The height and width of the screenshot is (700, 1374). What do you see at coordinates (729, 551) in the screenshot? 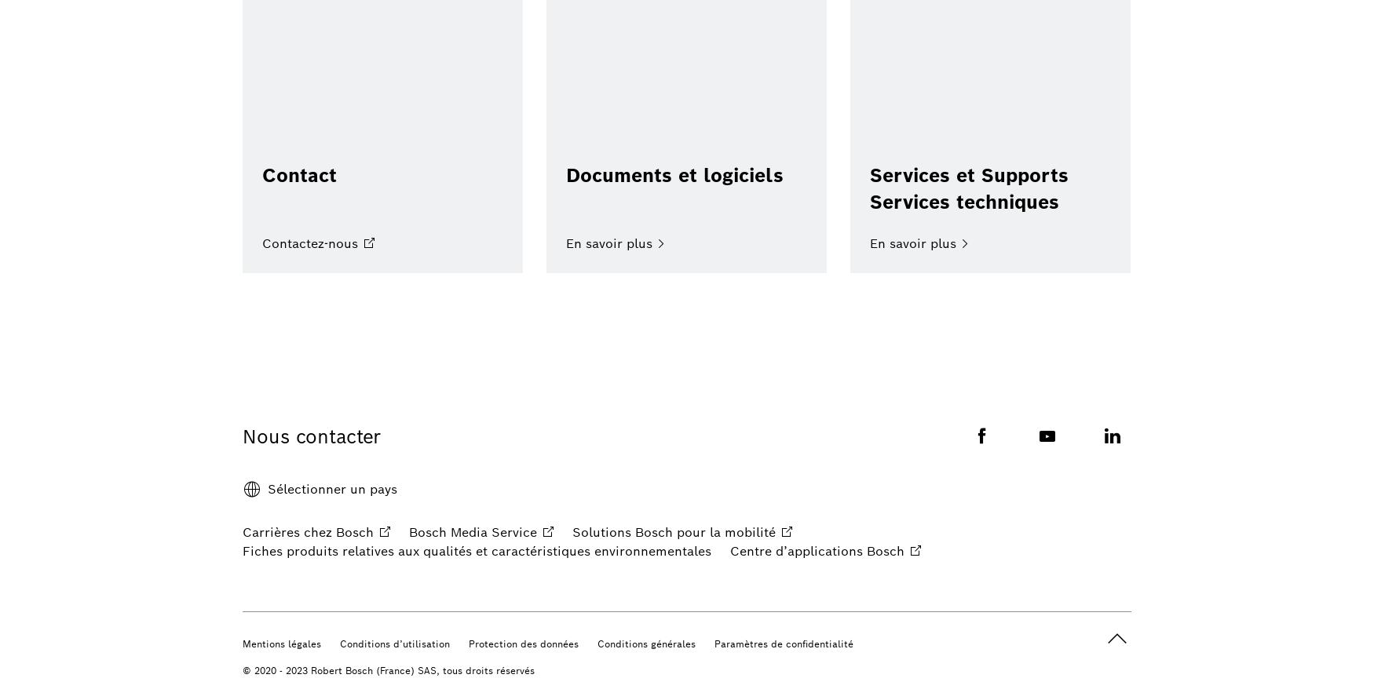
I see `'Centre d’applications'` at bounding box center [729, 551].